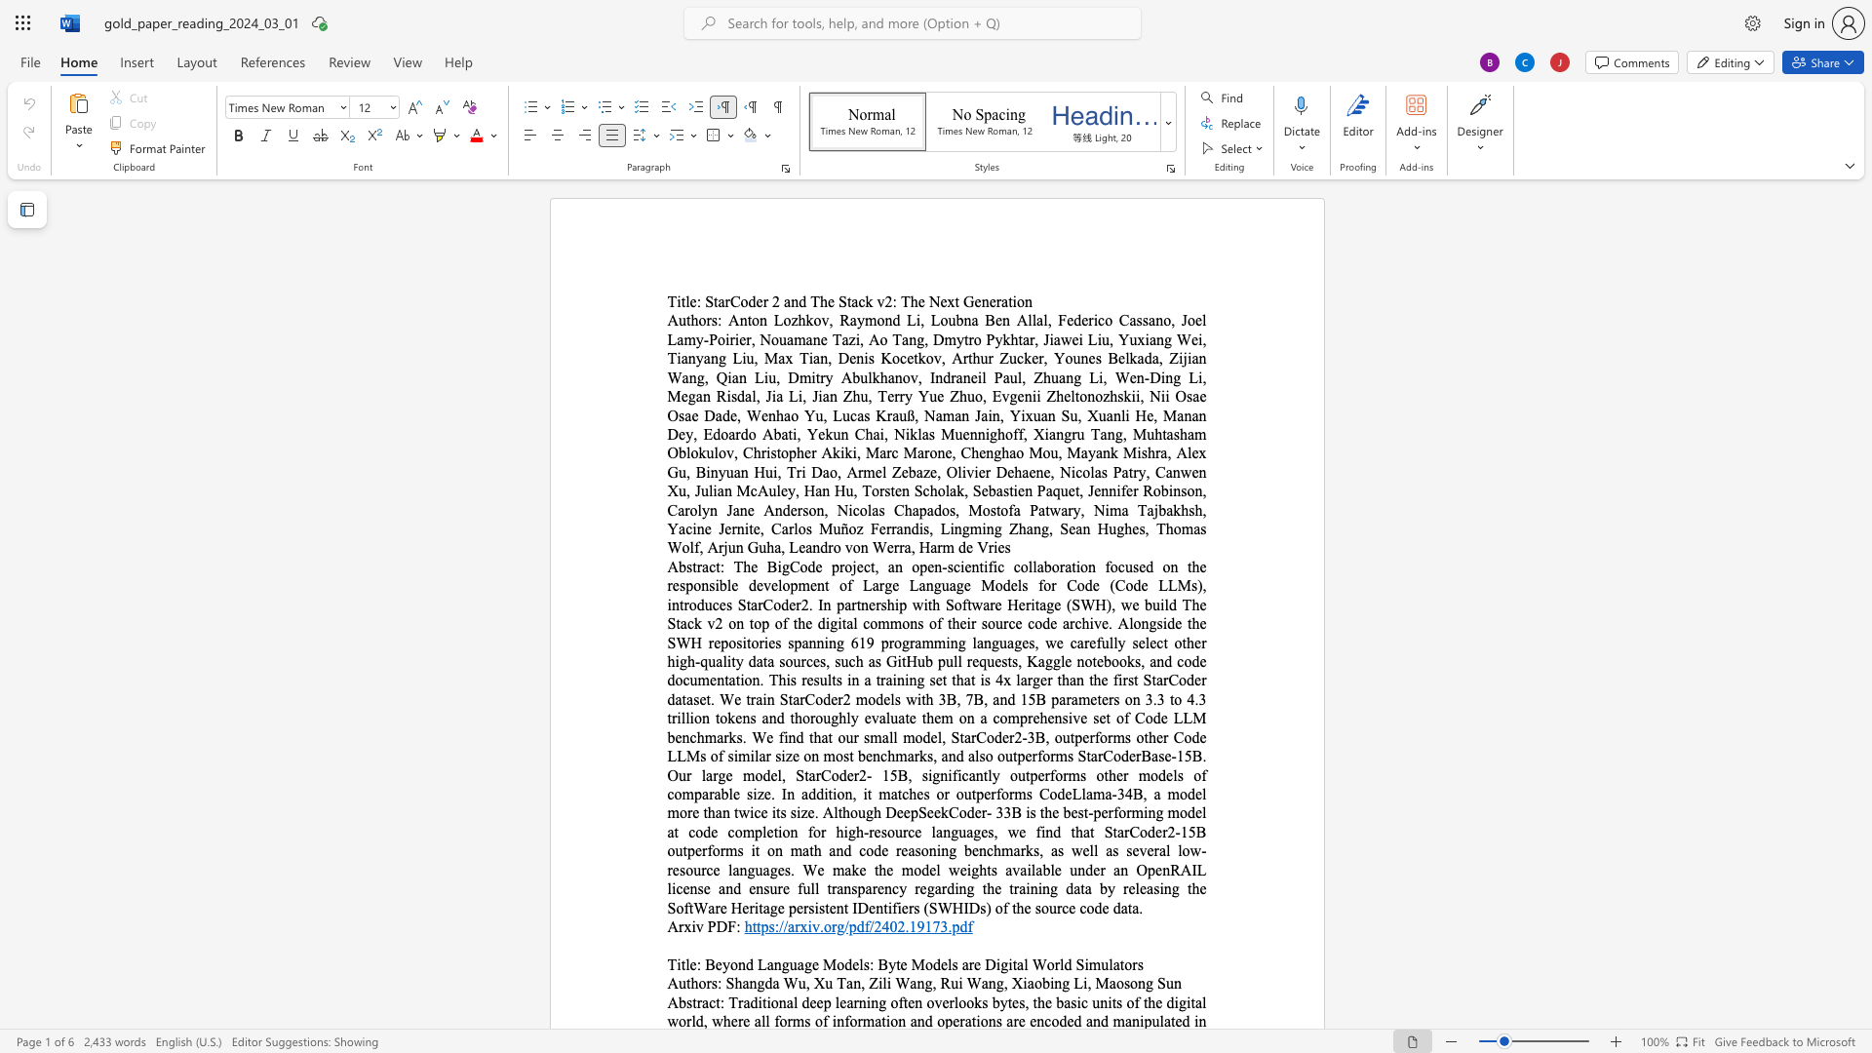 The width and height of the screenshot is (1872, 1053). Describe the element at coordinates (1112, 983) in the screenshot. I see `the 1th character "a" in the text` at that location.